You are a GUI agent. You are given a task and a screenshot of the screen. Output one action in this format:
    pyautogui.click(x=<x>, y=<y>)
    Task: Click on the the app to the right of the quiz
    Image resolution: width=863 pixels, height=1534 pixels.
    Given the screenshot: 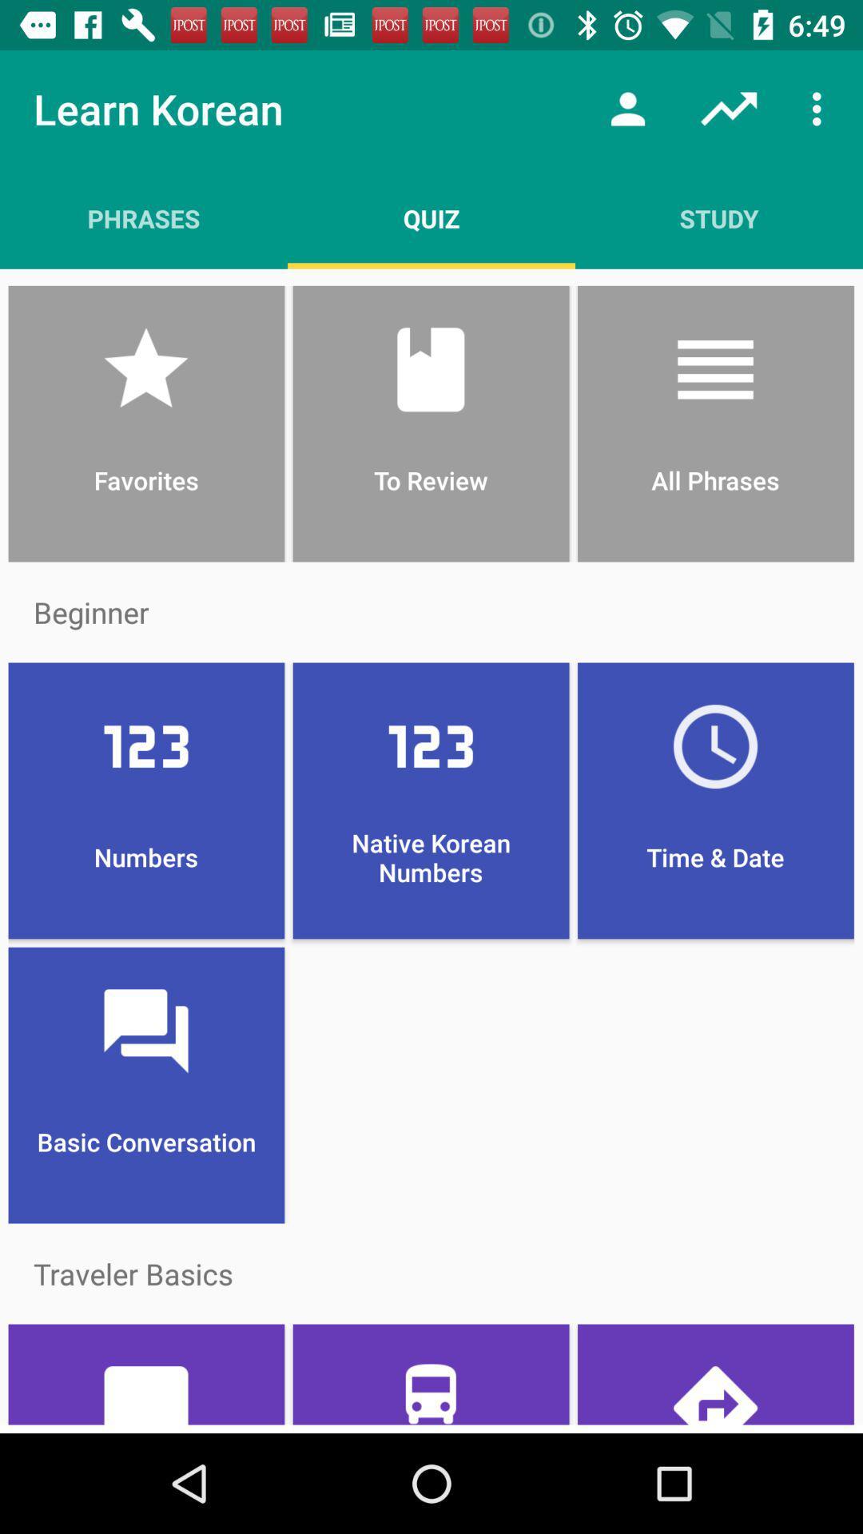 What is the action you would take?
    pyautogui.click(x=627, y=108)
    